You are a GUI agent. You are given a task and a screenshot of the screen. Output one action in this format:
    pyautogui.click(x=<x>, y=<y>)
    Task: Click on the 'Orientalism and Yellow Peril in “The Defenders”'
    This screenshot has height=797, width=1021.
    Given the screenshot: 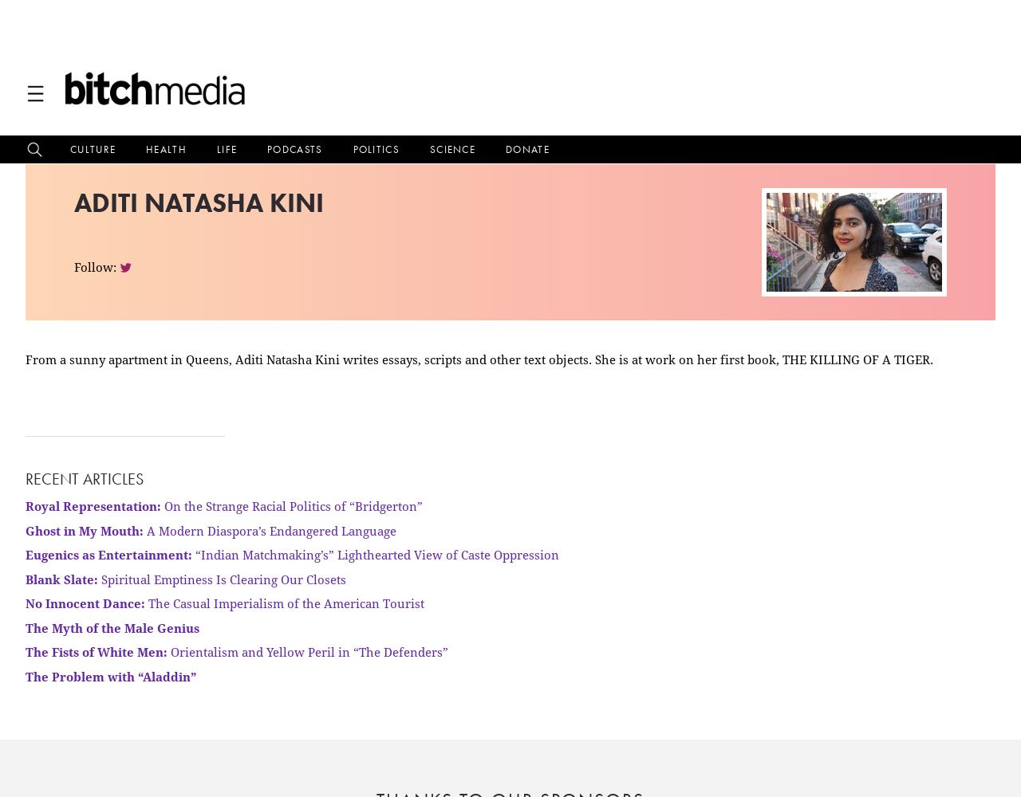 What is the action you would take?
    pyautogui.click(x=308, y=651)
    